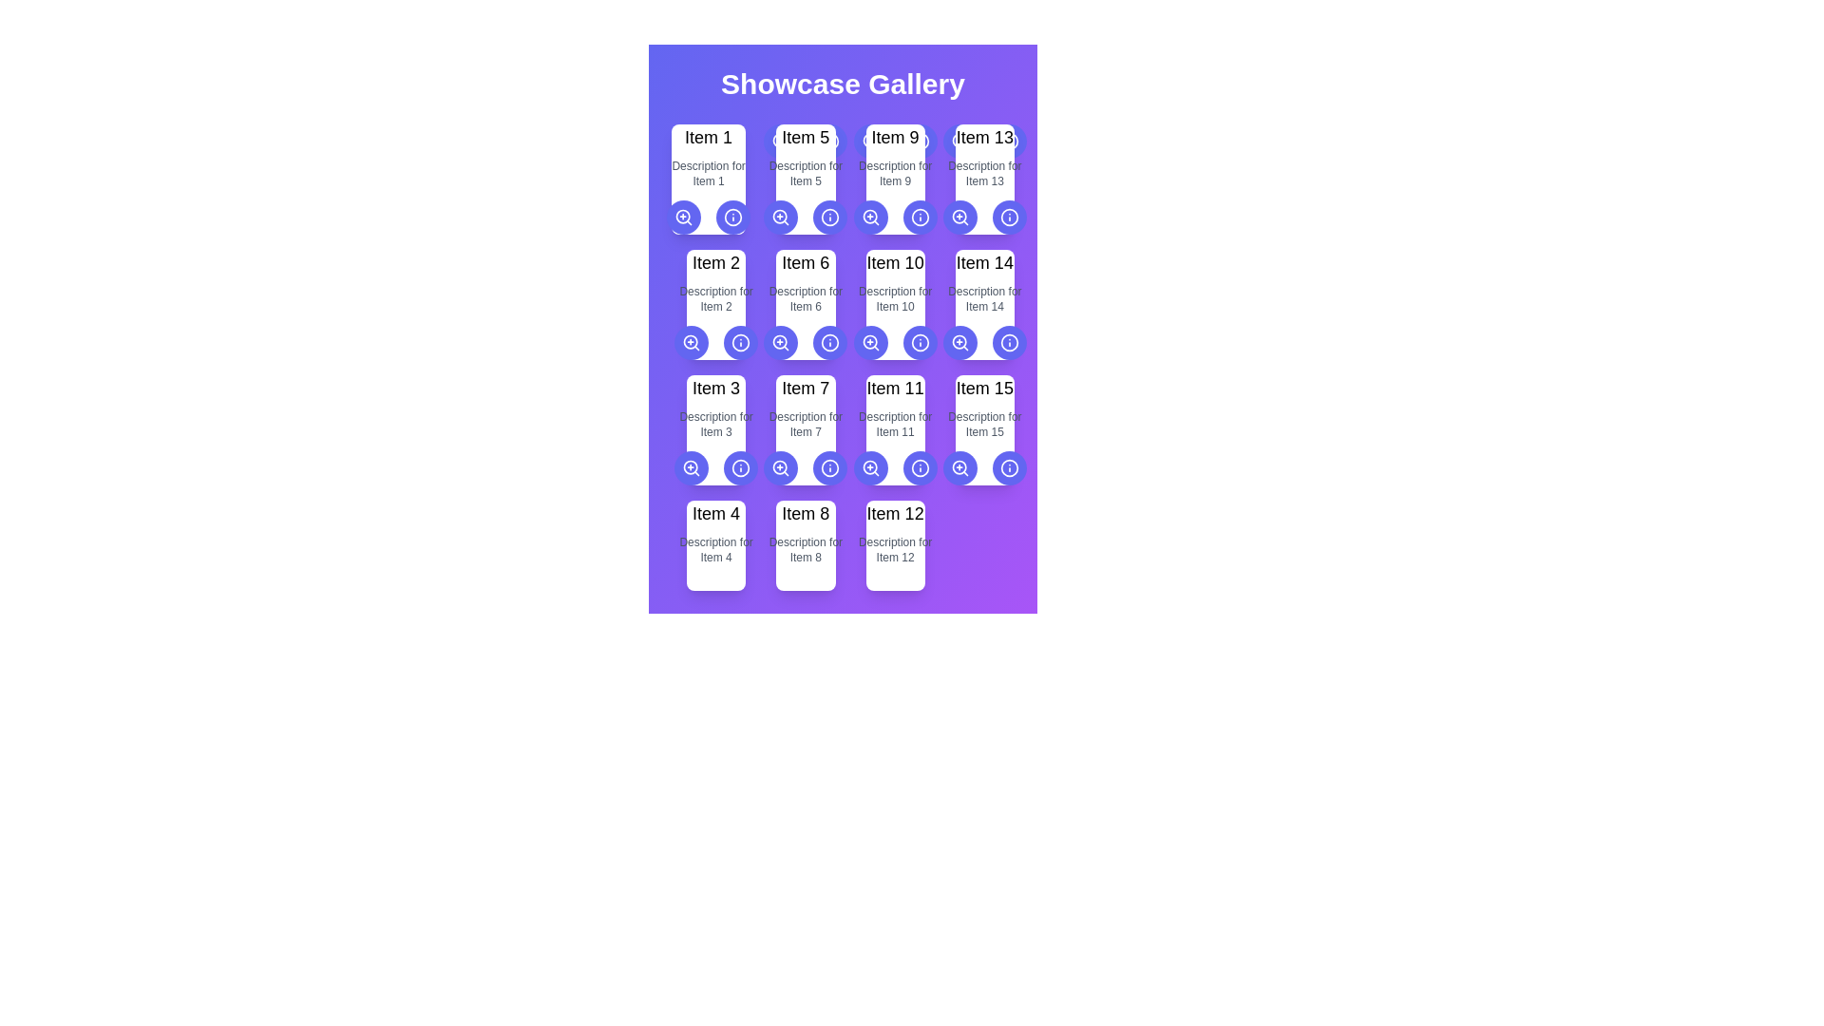 This screenshot has width=1824, height=1026. Describe the element at coordinates (708, 180) in the screenshot. I see `the first card component` at that location.